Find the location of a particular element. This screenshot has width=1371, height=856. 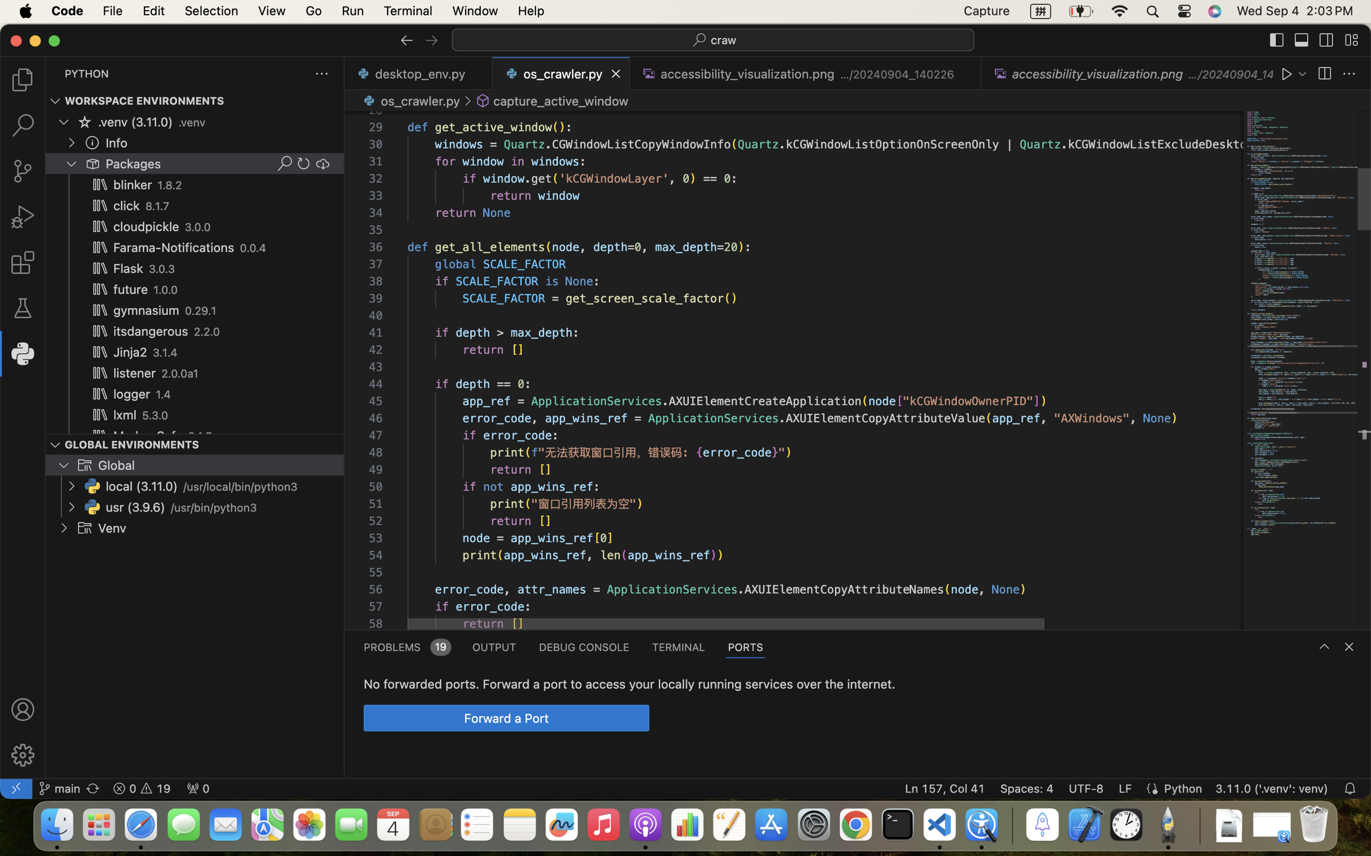

'' is located at coordinates (407, 40).